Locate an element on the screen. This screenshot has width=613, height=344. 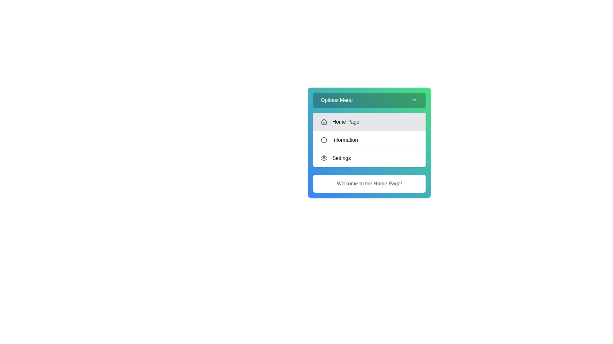
the Dropdown menu trigger bar located at the top of the card-like component with a gradient background is located at coordinates (369, 100).